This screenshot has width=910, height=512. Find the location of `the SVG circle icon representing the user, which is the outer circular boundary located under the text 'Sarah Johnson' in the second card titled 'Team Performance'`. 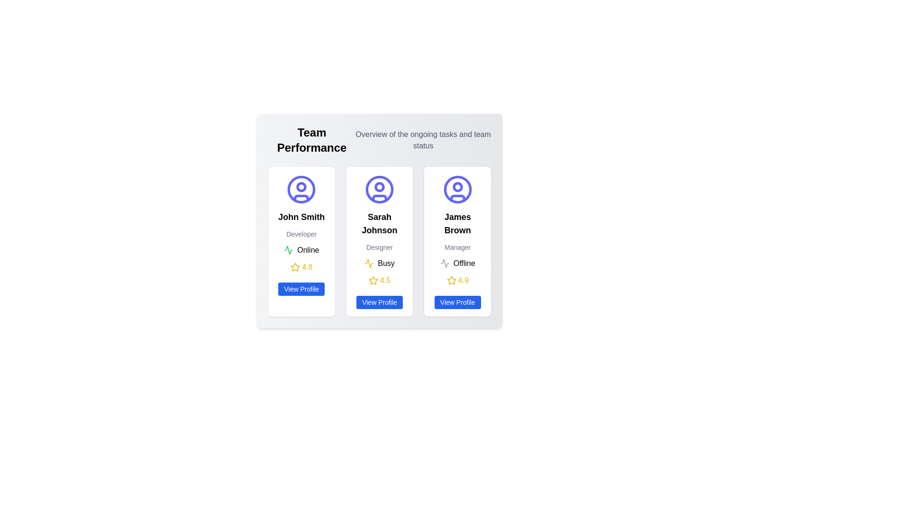

the SVG circle icon representing the user, which is the outer circular boundary located under the text 'Sarah Johnson' in the second card titled 'Team Performance' is located at coordinates (380, 190).